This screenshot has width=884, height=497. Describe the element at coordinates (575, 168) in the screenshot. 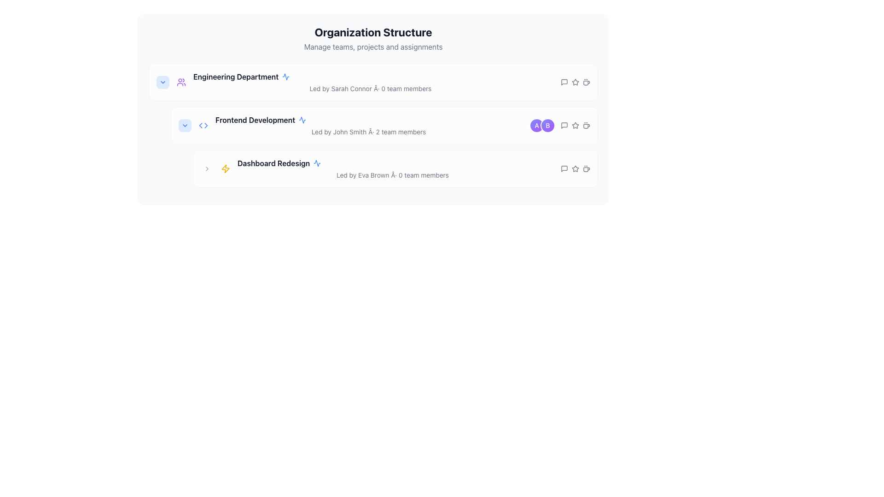

I see `the star-shaped icon button located on the right-hand side of the third section (Dashboard Redesign)` at that location.